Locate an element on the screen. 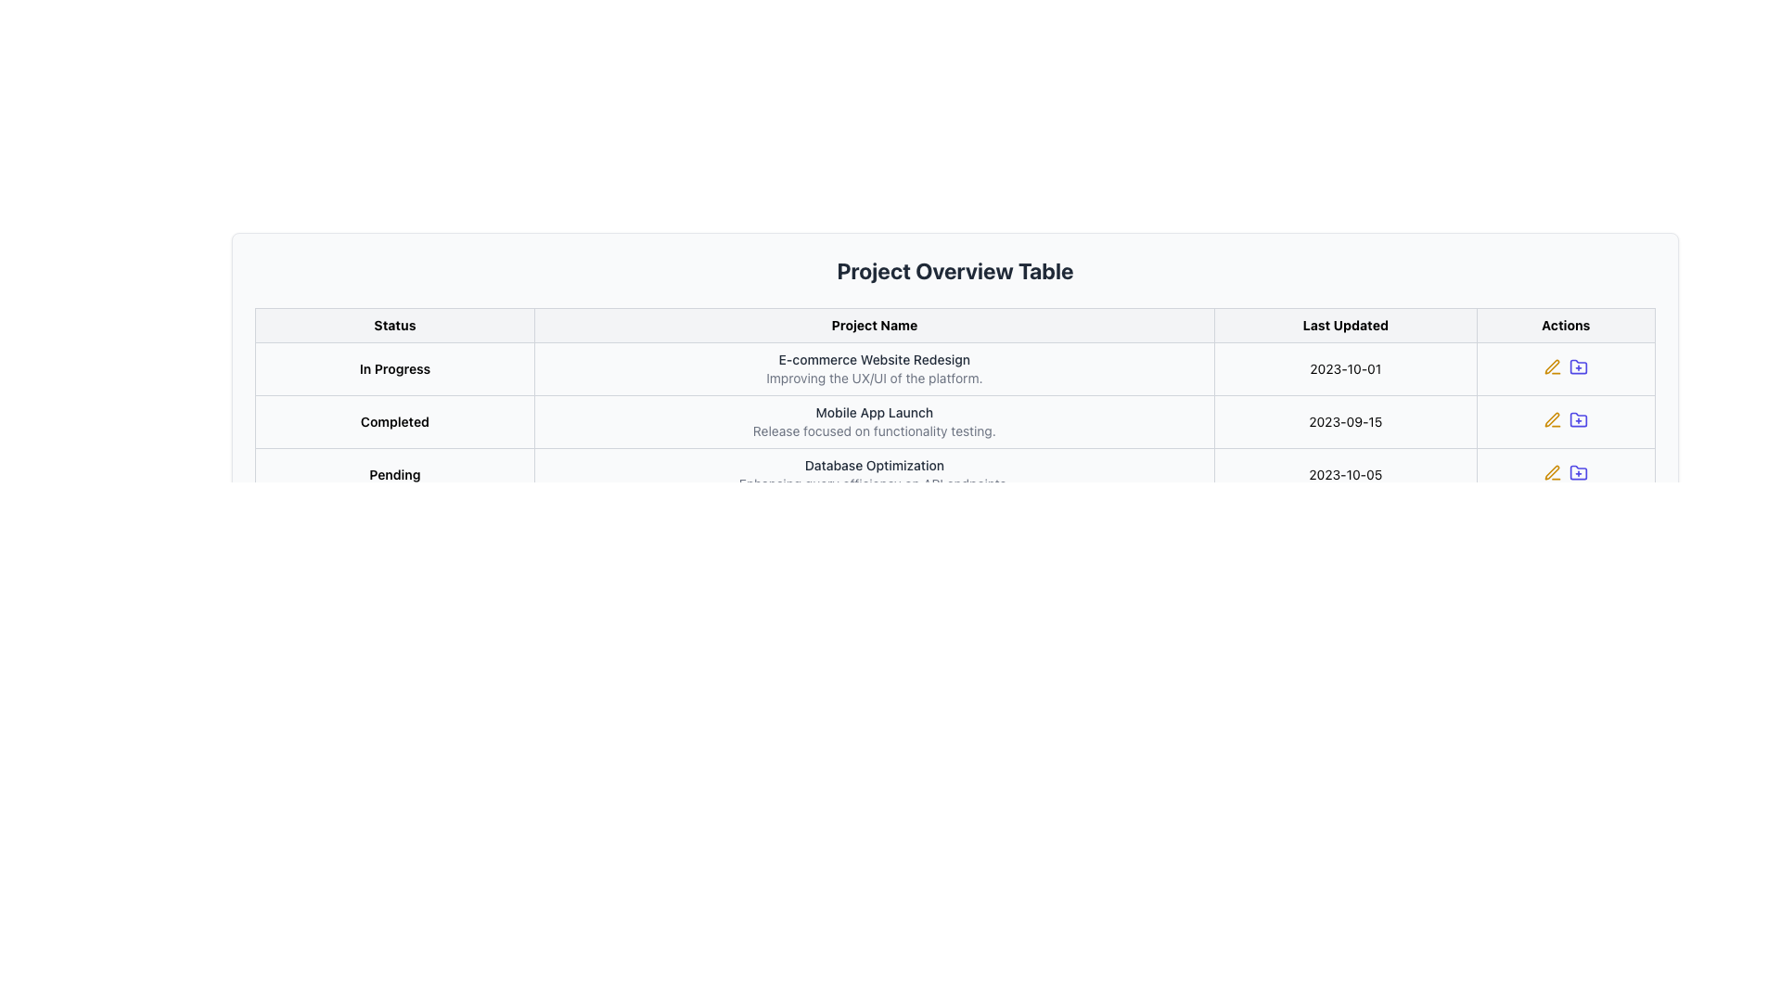 Image resolution: width=1781 pixels, height=1002 pixels. text displayed in the second text block of the 'Project Name' column in the 'Pending' row of the table, which provides information about a pending project is located at coordinates (873, 474).